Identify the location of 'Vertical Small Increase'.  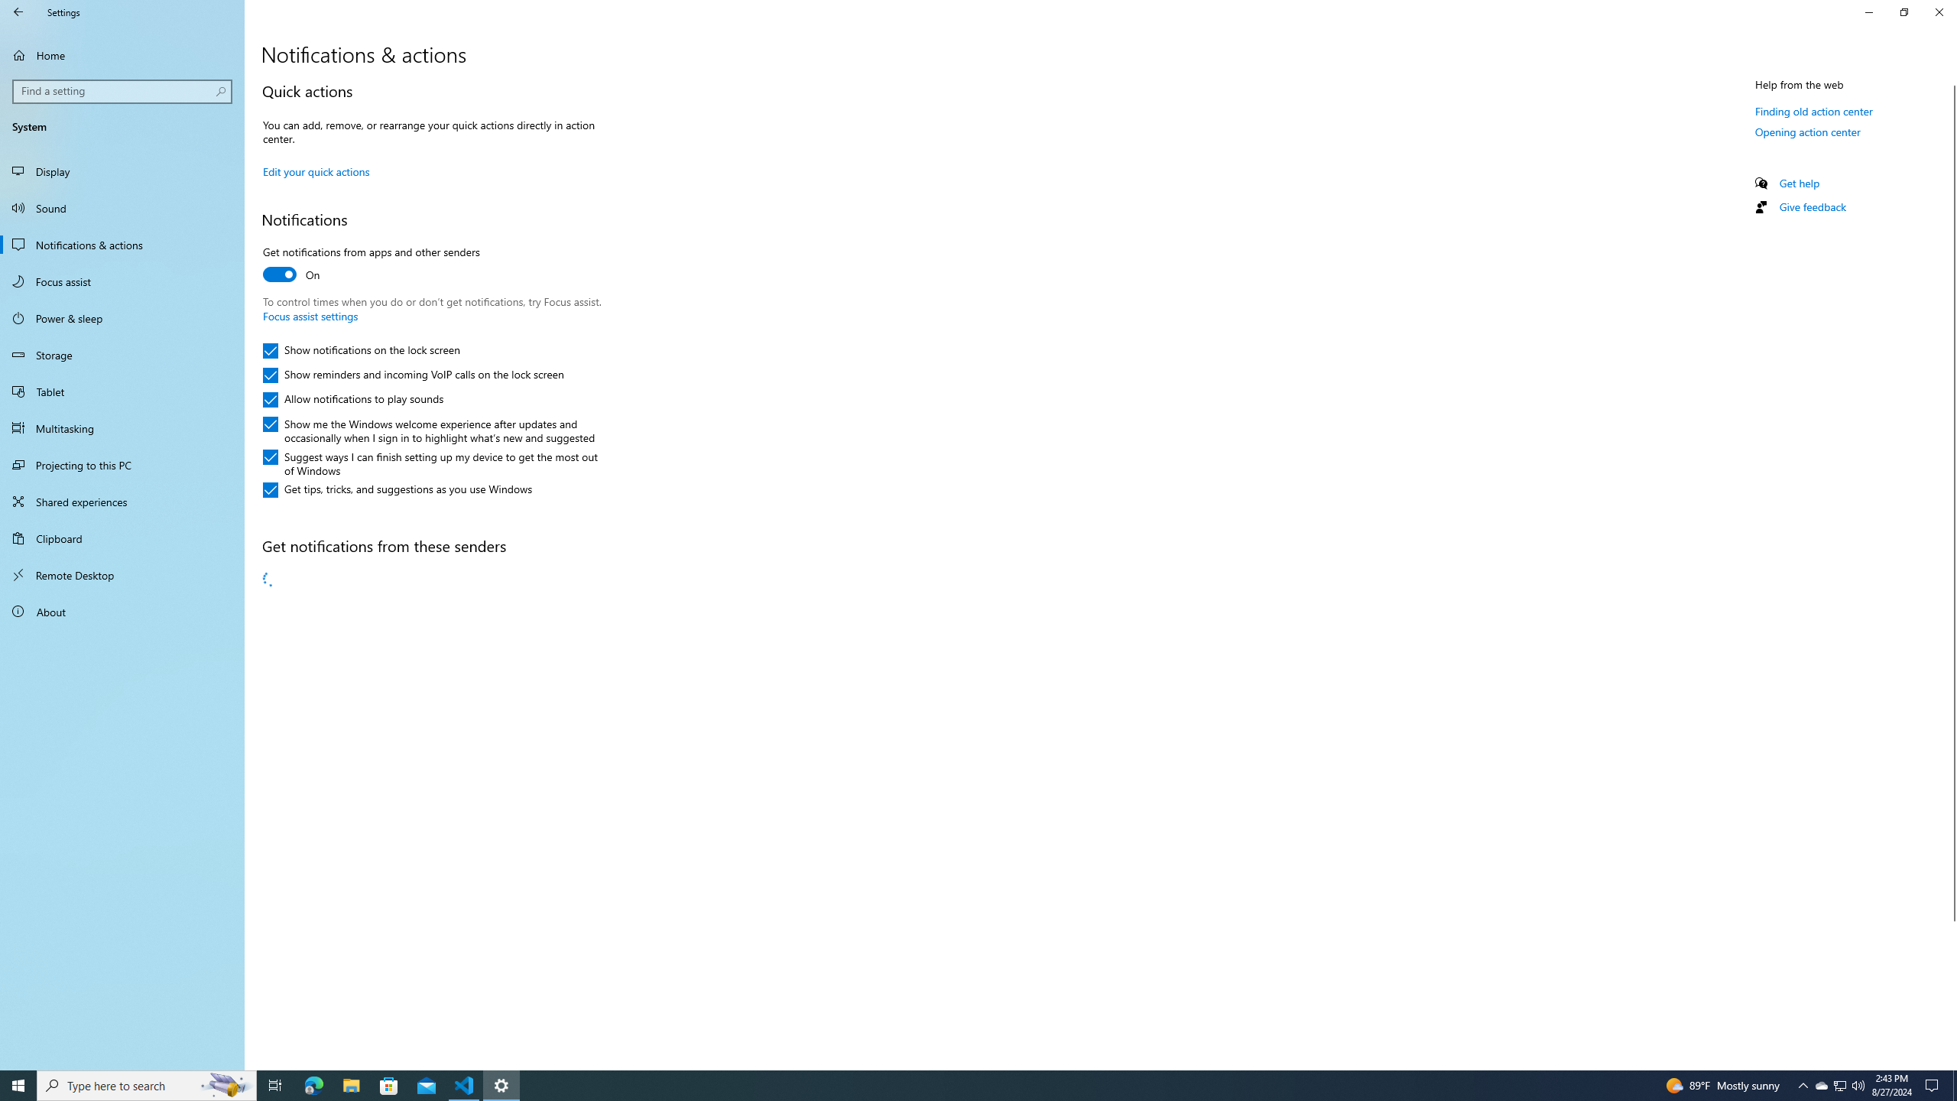
(1950, 1063).